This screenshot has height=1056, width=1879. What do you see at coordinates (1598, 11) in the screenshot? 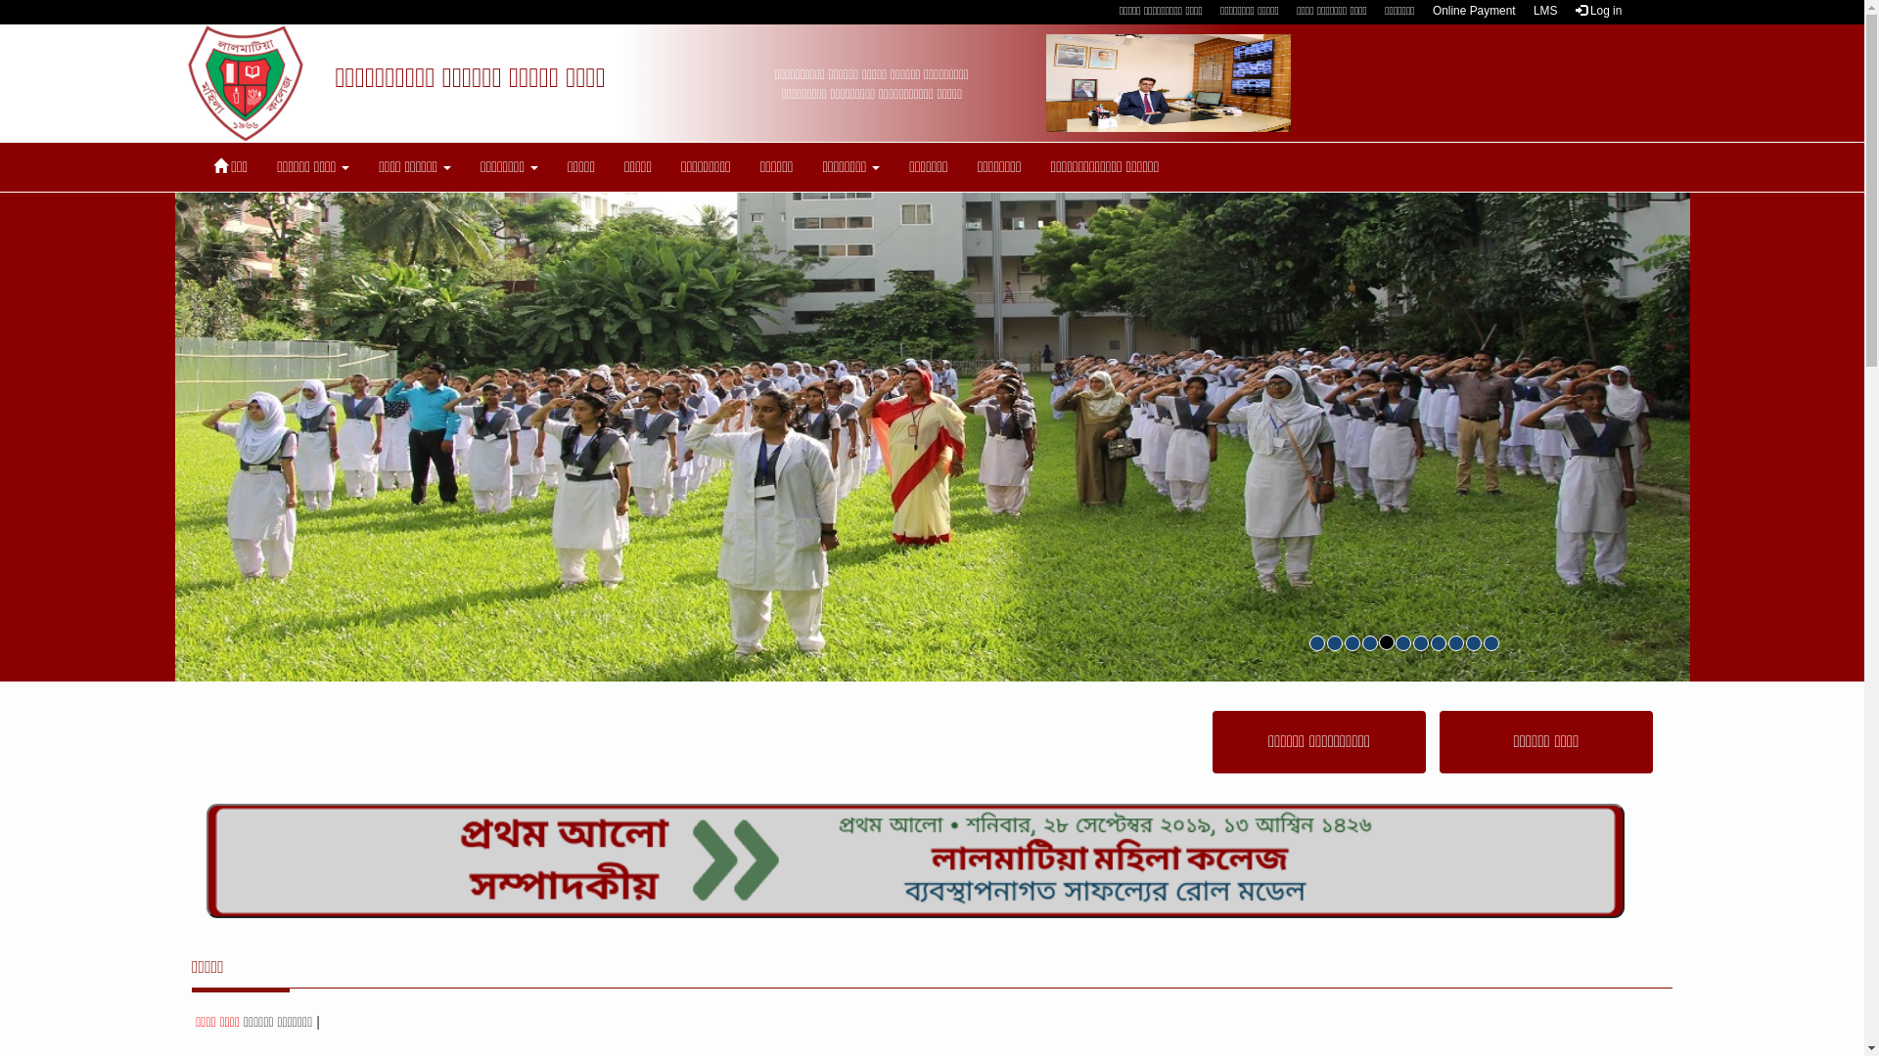
I see `'Log in'` at bounding box center [1598, 11].